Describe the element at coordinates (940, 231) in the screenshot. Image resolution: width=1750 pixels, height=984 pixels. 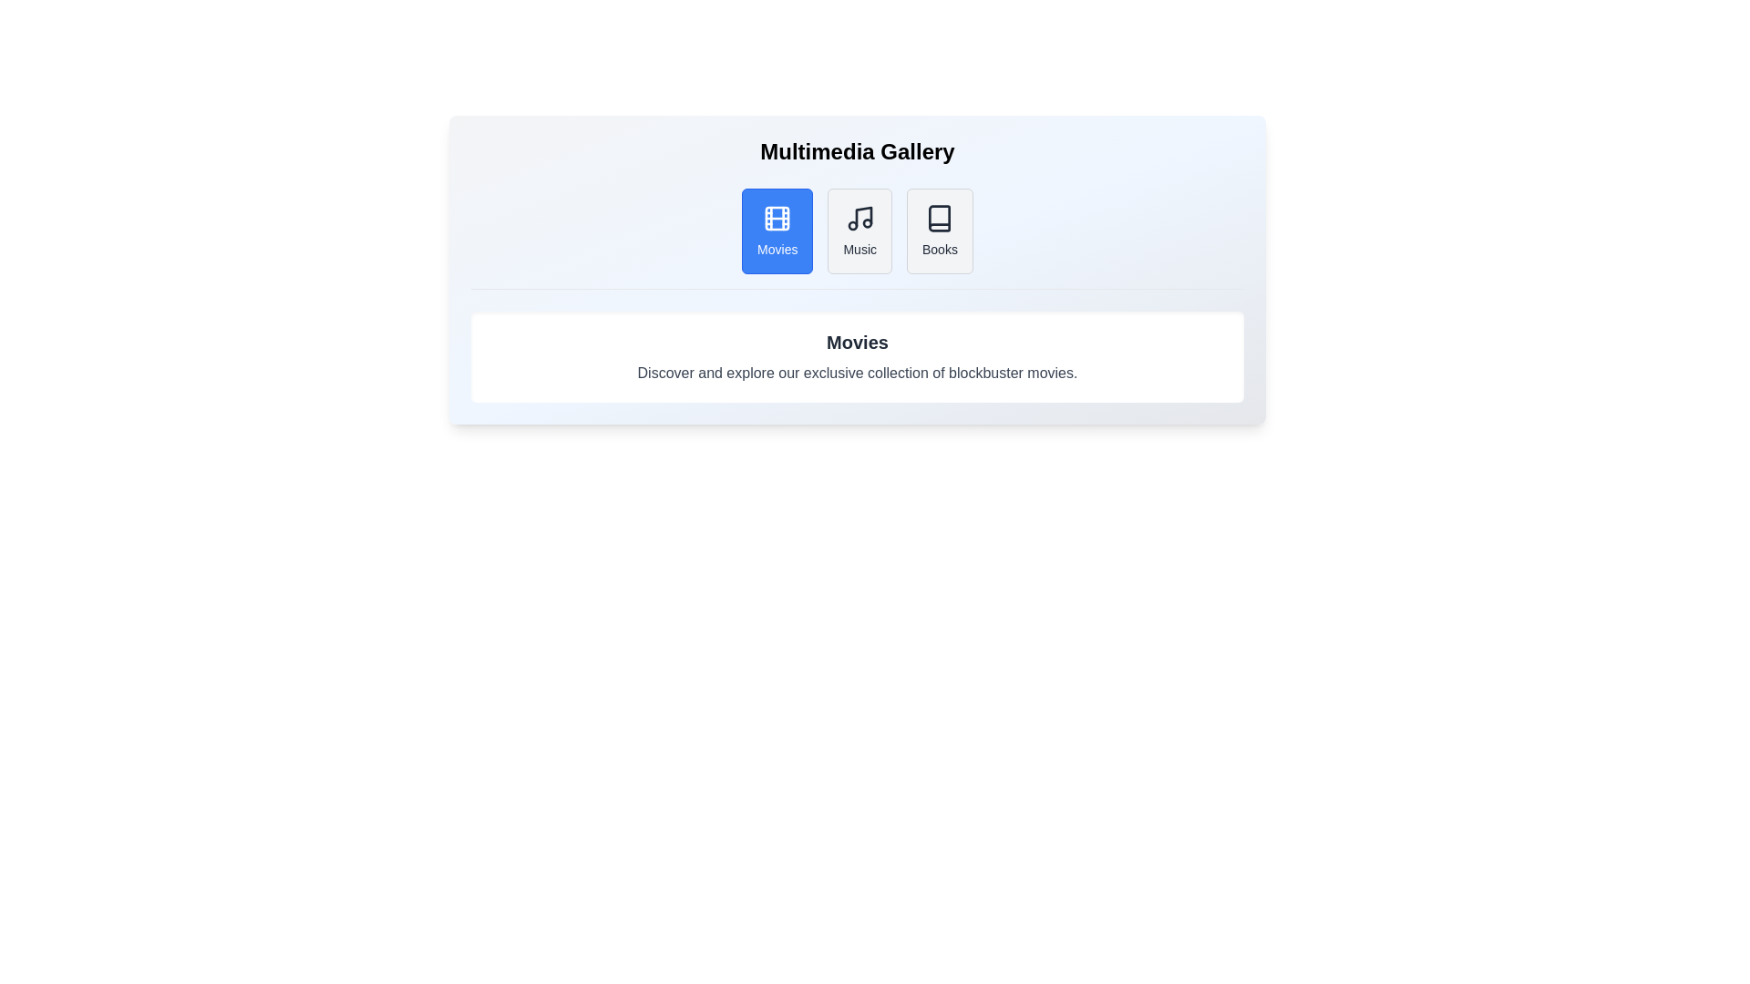
I see `the tab labeled Books to activate it` at that location.